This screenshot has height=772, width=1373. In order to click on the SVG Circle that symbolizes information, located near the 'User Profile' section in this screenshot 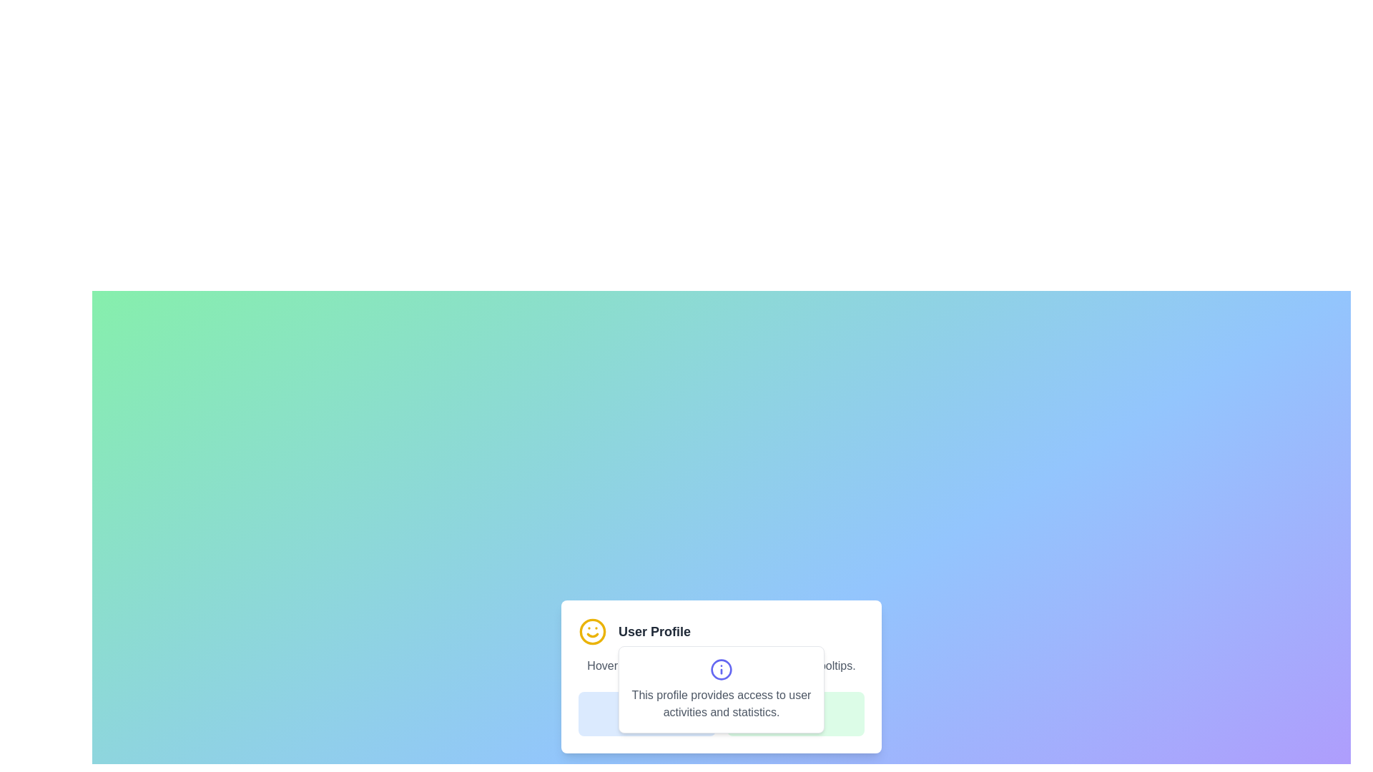, I will do `click(721, 670)`.